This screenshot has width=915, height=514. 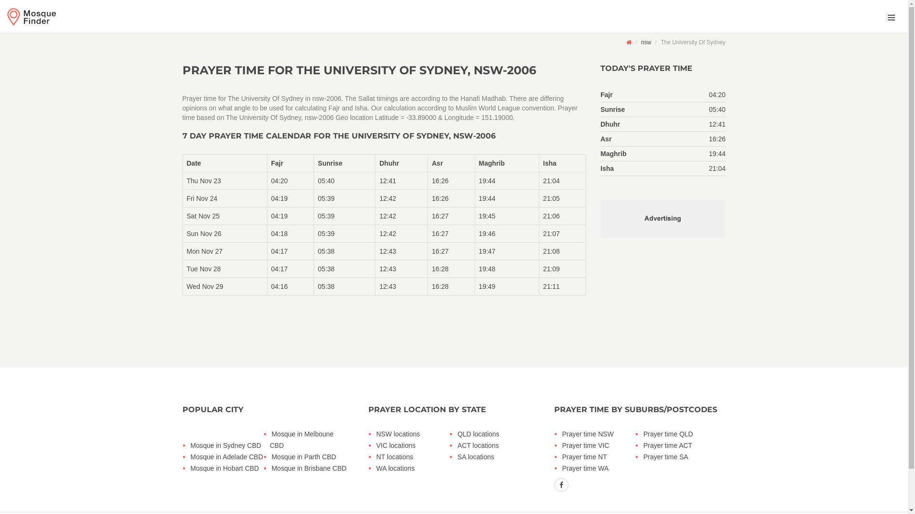 I want to click on 'Prayer time VIC', so click(x=560, y=445).